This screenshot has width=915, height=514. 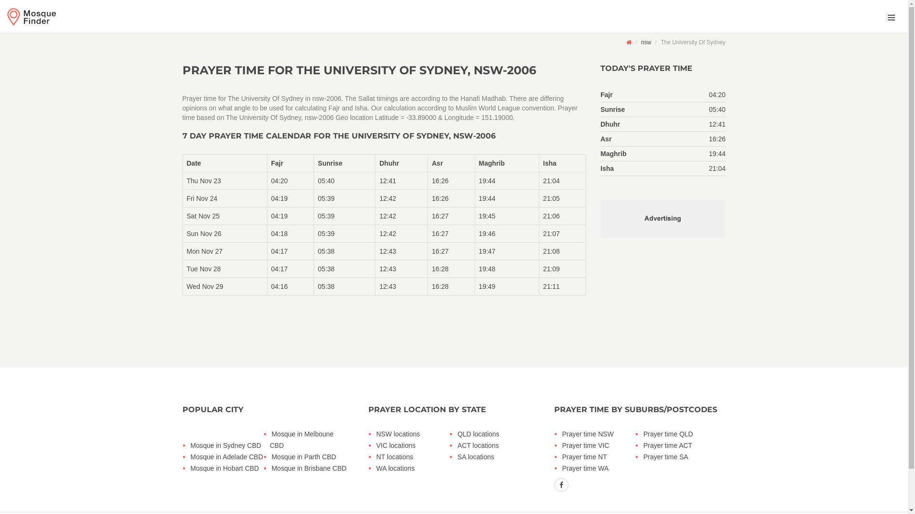 I want to click on 'Prayer time VIC', so click(x=560, y=445).